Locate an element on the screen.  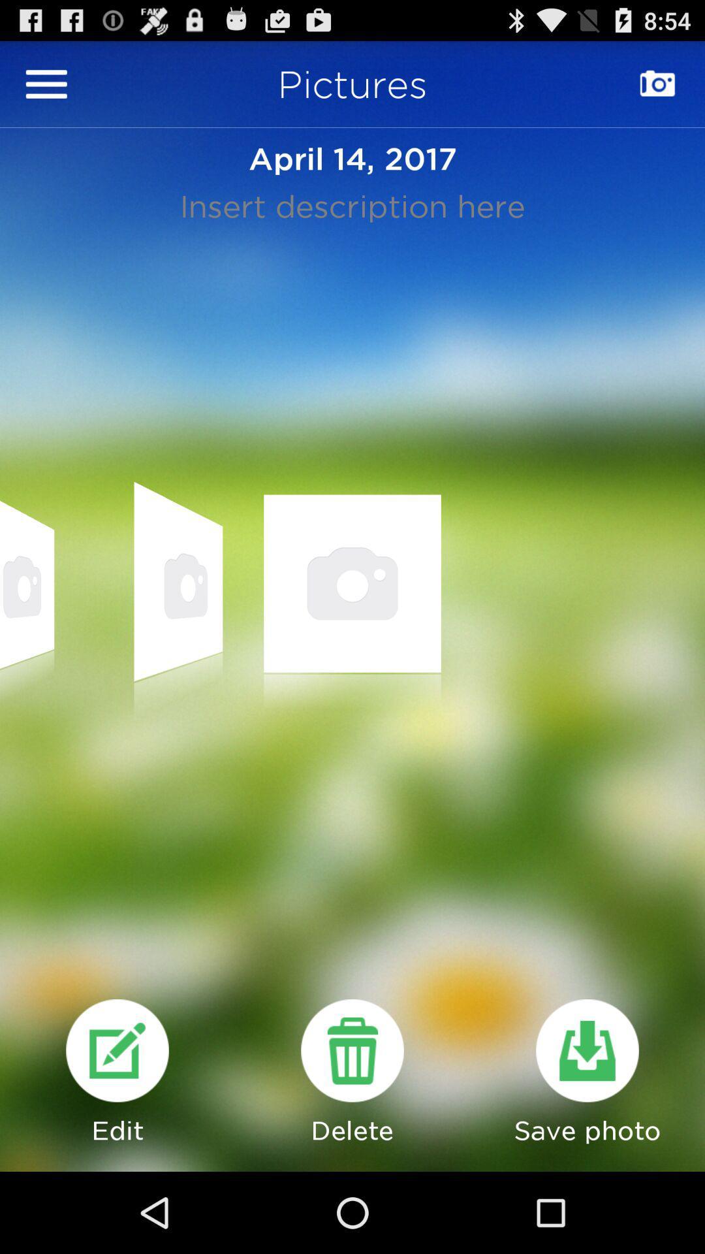
edit is located at coordinates (117, 1050).